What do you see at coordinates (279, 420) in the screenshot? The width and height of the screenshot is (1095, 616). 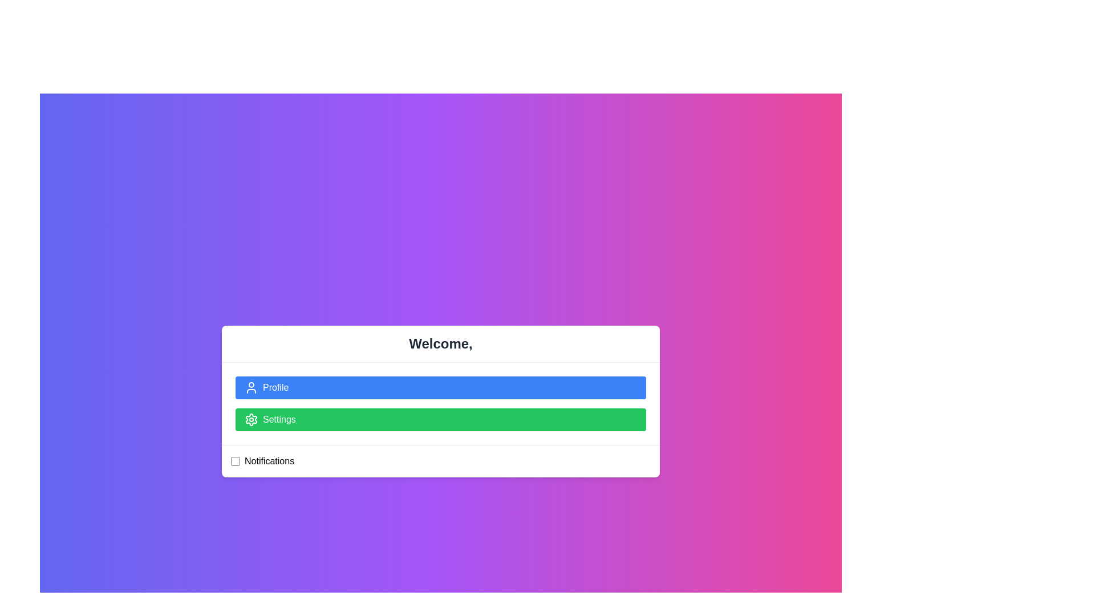 I see `the 'Settings' button, which is a green button containing a label indicating configuration settings` at bounding box center [279, 420].